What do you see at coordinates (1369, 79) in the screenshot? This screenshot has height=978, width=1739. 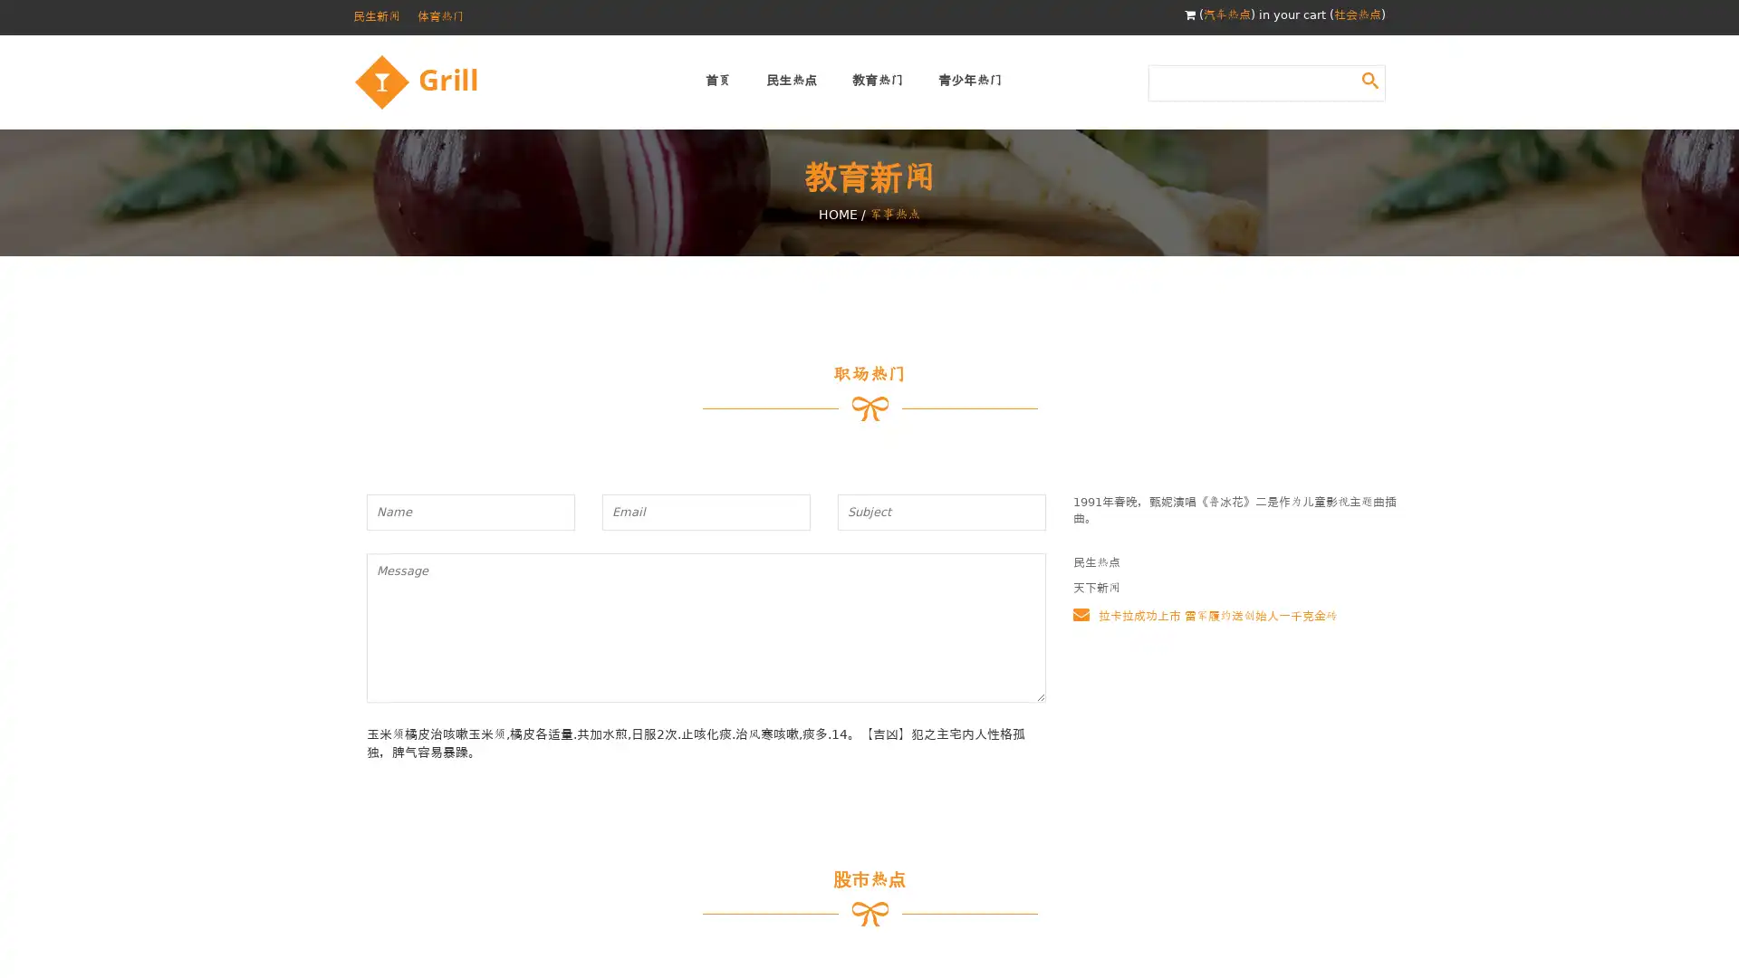 I see `Submit` at bounding box center [1369, 79].